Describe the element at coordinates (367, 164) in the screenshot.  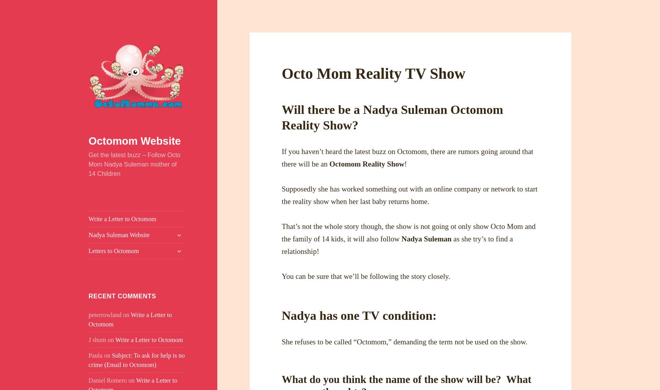
I see `'Octomom Reality Show'` at that location.